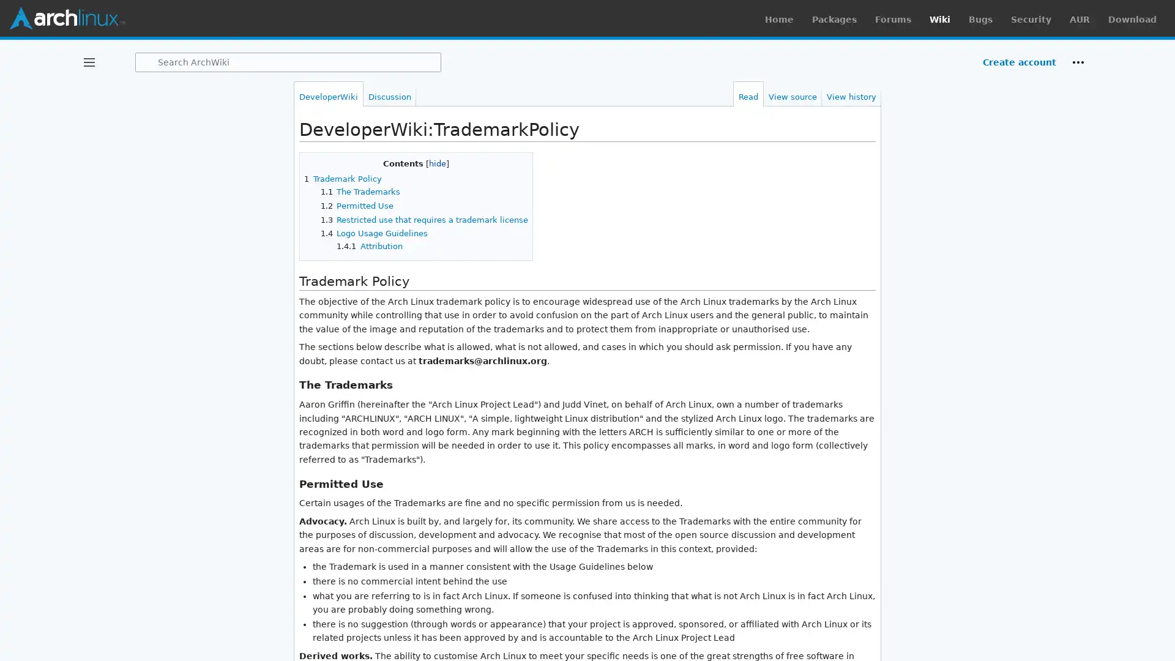 The image size is (1175, 661). What do you see at coordinates (88, 62) in the screenshot?
I see `Toggle sidebar` at bounding box center [88, 62].